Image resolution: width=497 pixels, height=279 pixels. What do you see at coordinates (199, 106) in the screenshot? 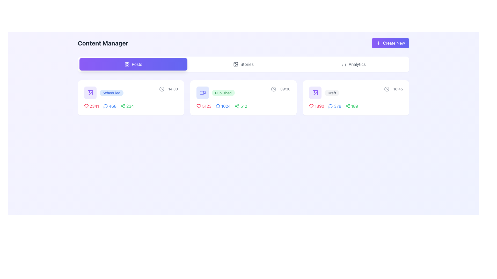
I see `the 'like' or 'favorite' icon located in the second content card from the left, positioned directly preceding the text '5123'` at bounding box center [199, 106].